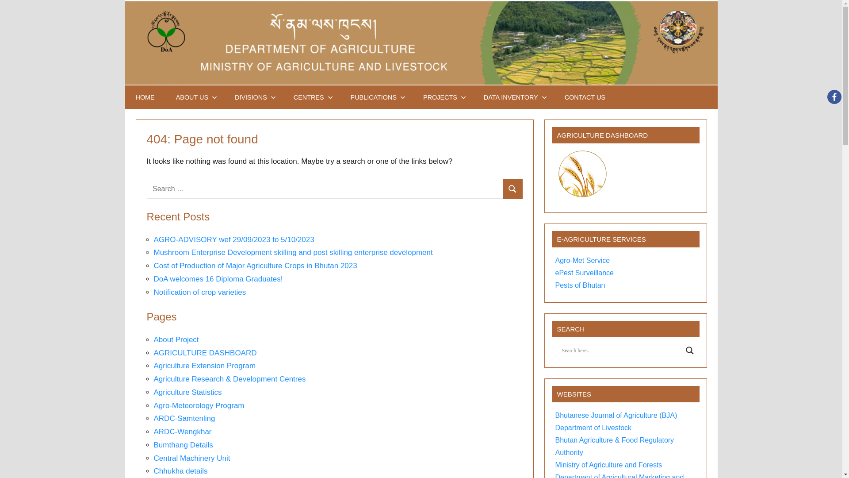  I want to click on 'Skip to content', so click(124, 0).